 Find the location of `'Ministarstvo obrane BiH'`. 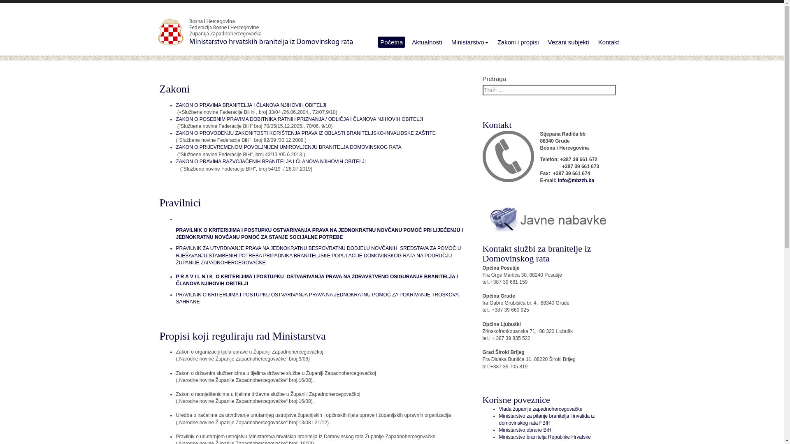

'Ministarstvo obrane BiH' is located at coordinates (524, 429).